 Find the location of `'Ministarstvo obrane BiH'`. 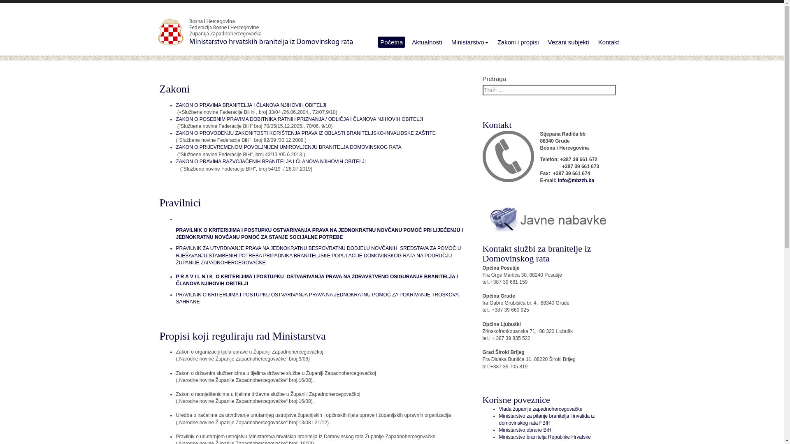

'Ministarstvo obrane BiH' is located at coordinates (524, 429).